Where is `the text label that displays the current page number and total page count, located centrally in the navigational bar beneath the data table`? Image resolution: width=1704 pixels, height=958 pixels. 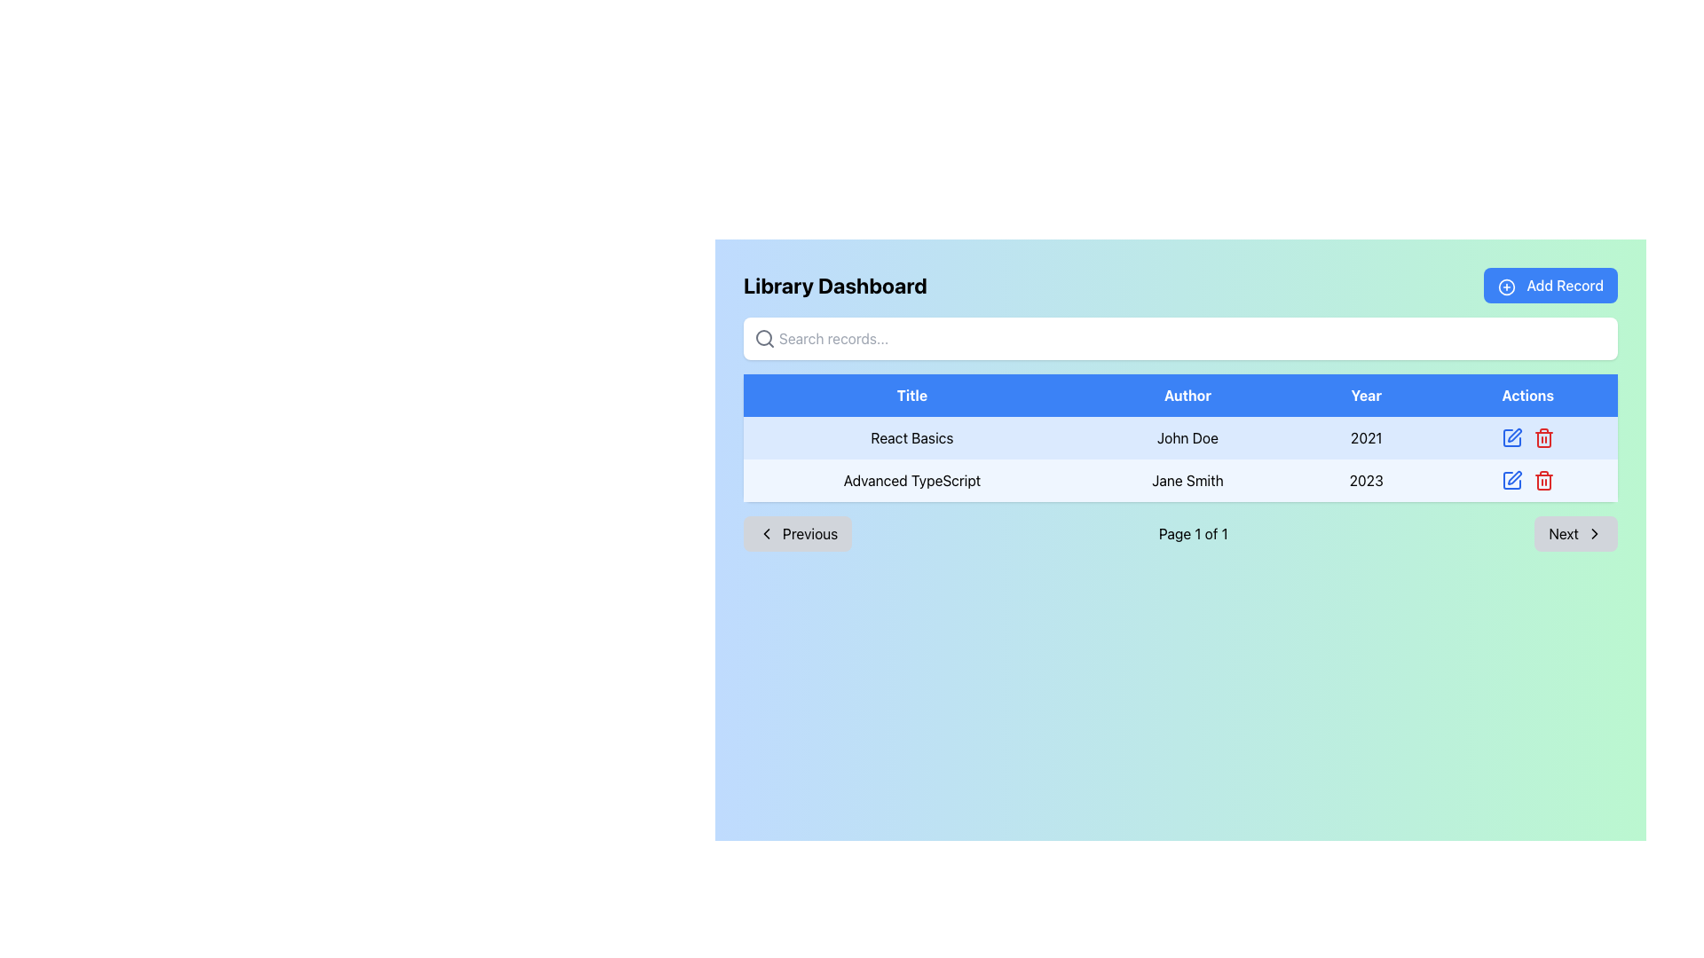 the text label that displays the current page number and total page count, located centrally in the navigational bar beneath the data table is located at coordinates (1193, 532).